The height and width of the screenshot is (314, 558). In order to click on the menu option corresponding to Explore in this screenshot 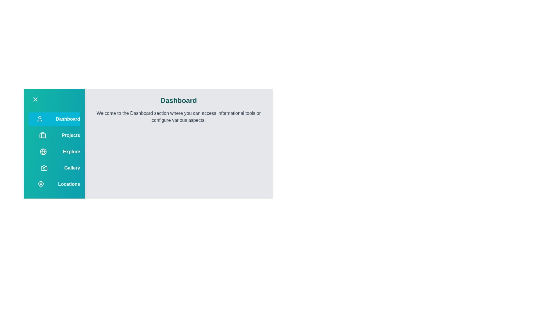, I will do `click(43, 151)`.